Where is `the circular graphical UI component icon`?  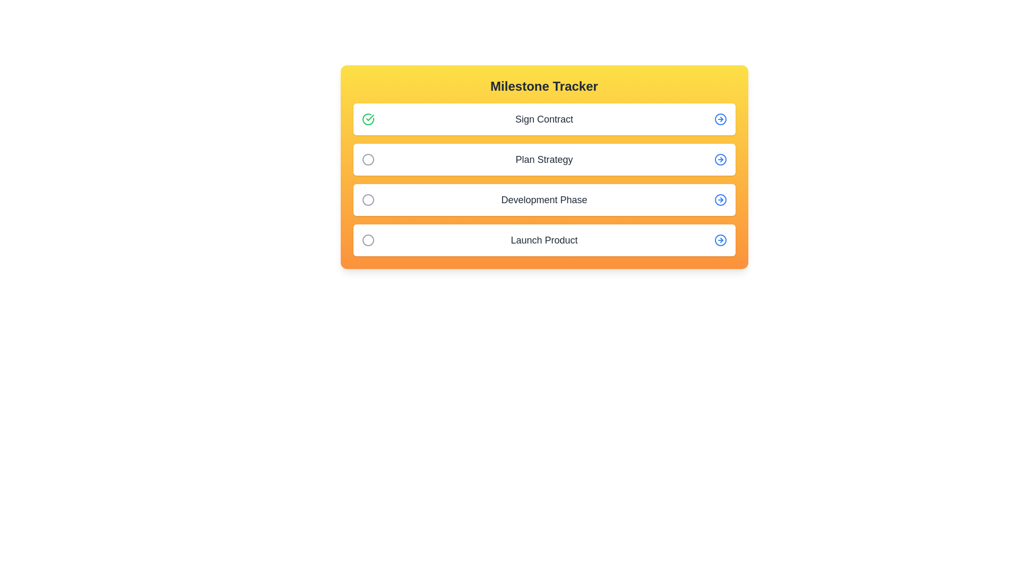 the circular graphical UI component icon is located at coordinates (720, 240).